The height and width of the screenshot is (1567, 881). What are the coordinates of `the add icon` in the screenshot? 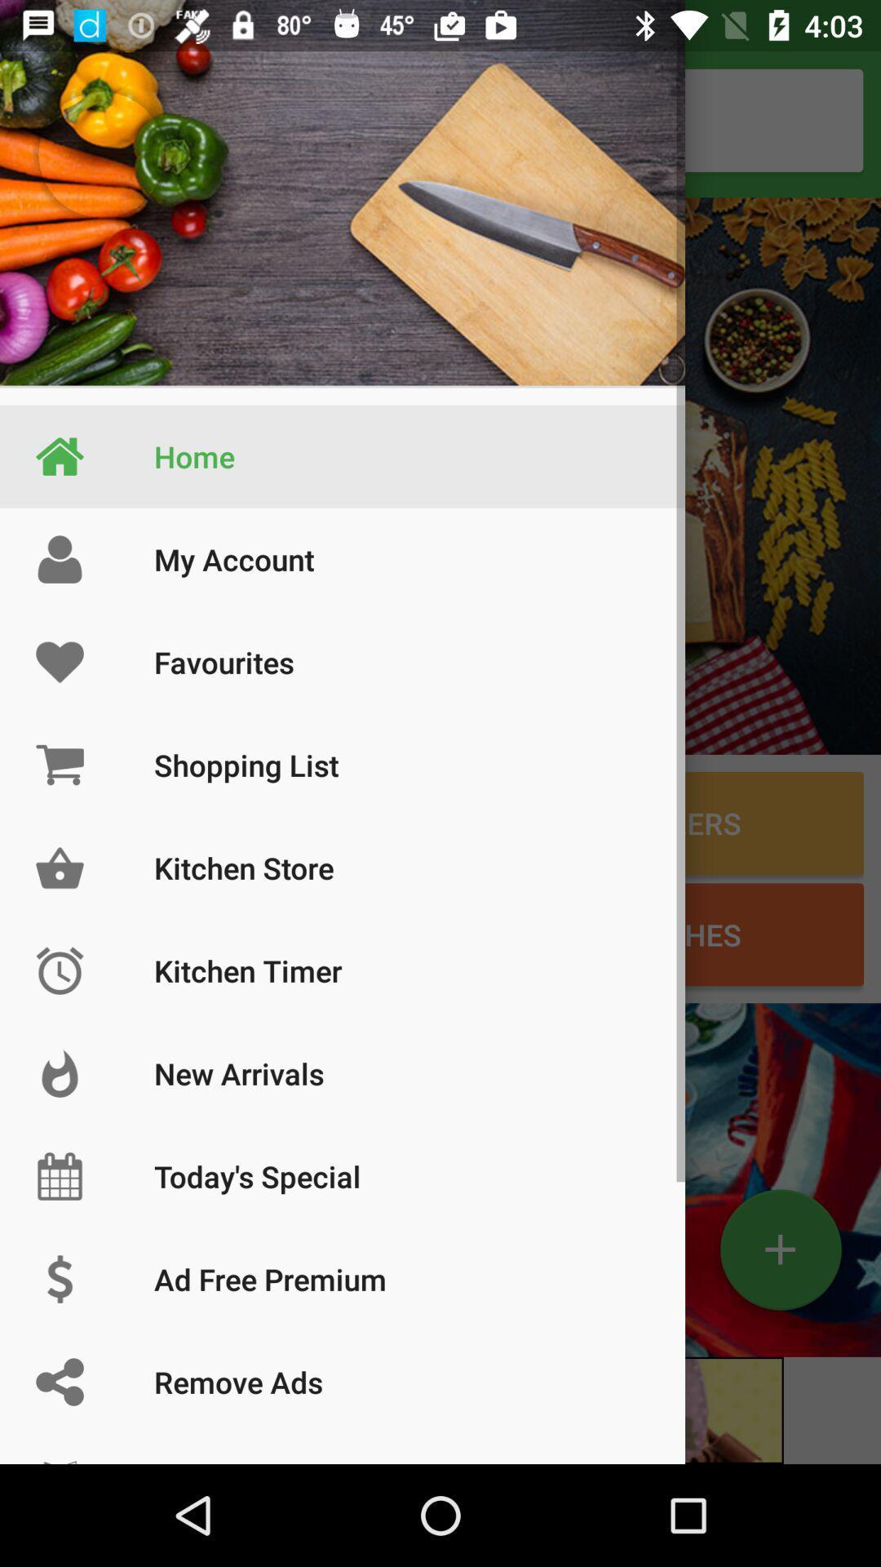 It's located at (779, 1255).